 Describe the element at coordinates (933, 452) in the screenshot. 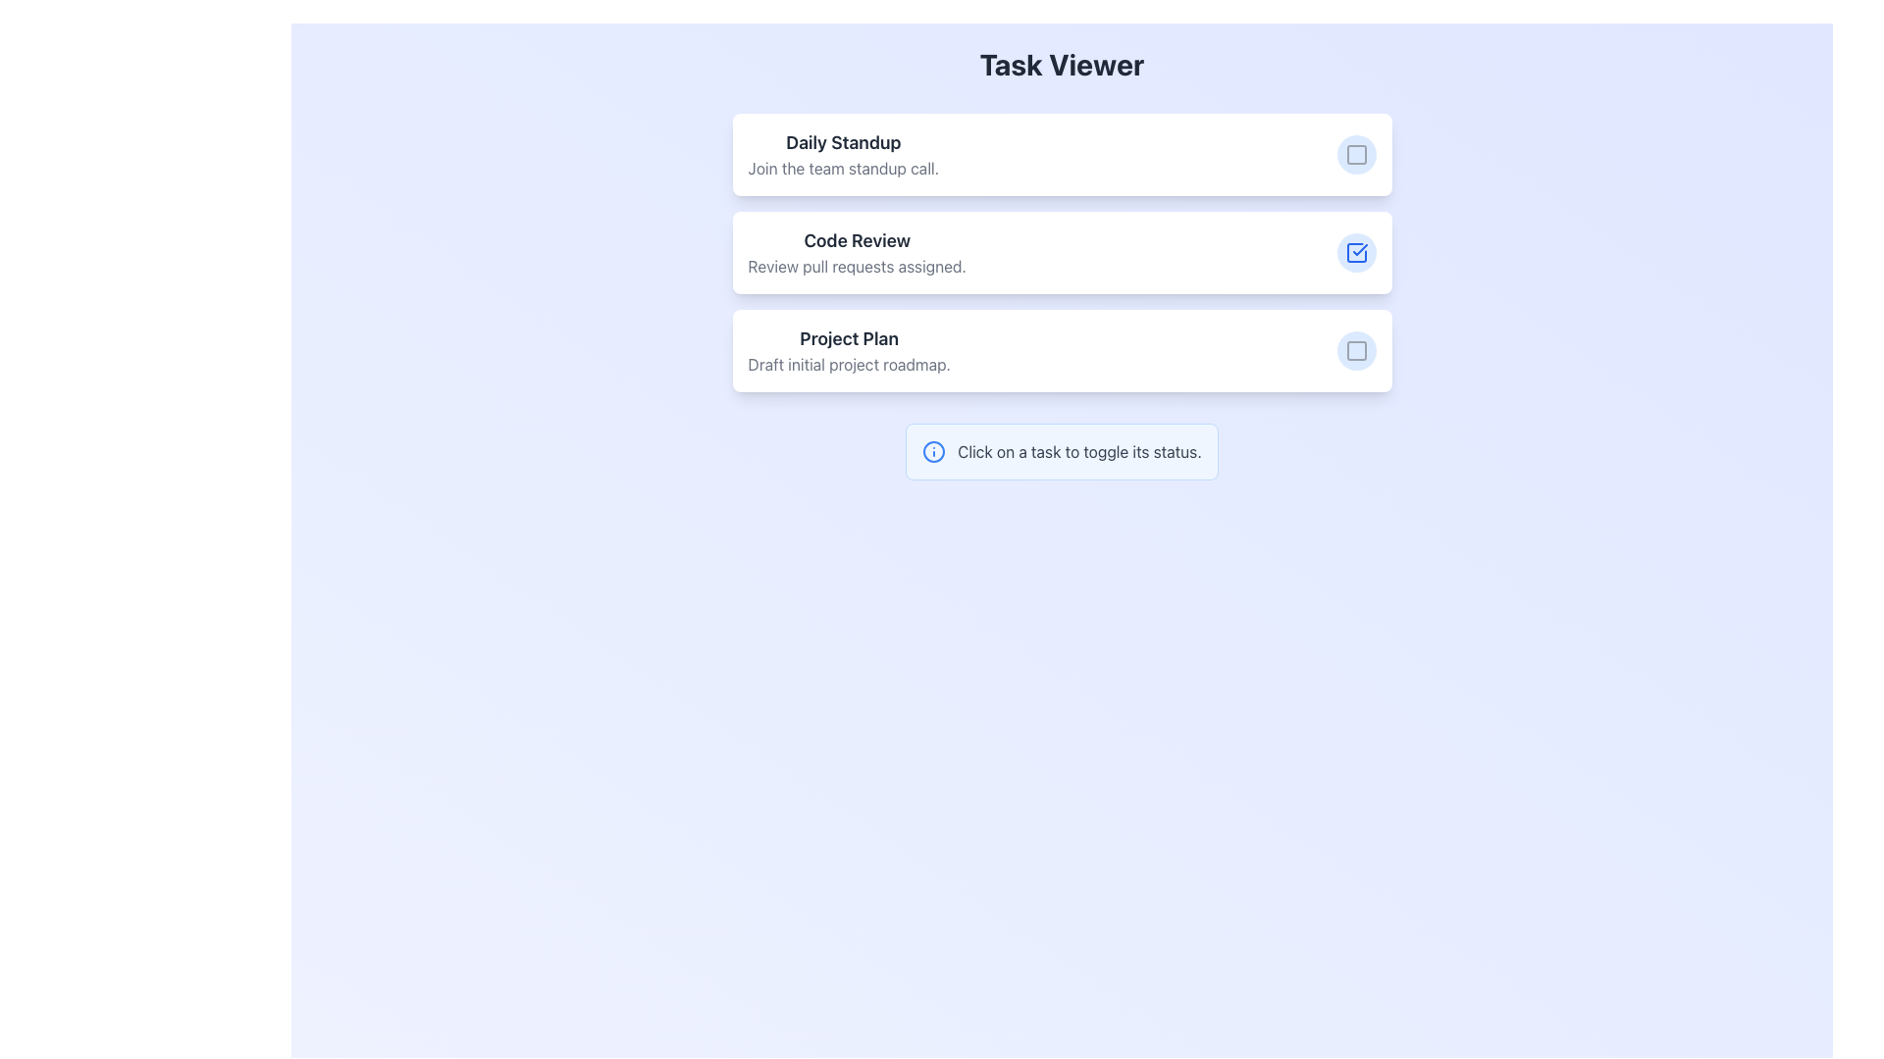

I see `the informational icon located to the left of the text 'Click on a task to toggle its status.' within the notification block at the bottom of the visible area` at that location.